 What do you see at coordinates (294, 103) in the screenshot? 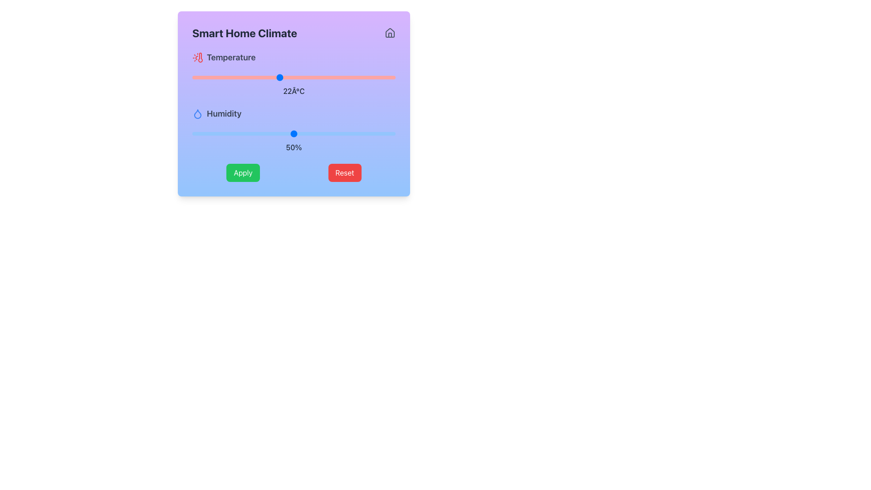
I see `the card-like UI component titled 'Smart Home Climate' that features temperature and humidity controls, located centrally in the interface` at bounding box center [294, 103].